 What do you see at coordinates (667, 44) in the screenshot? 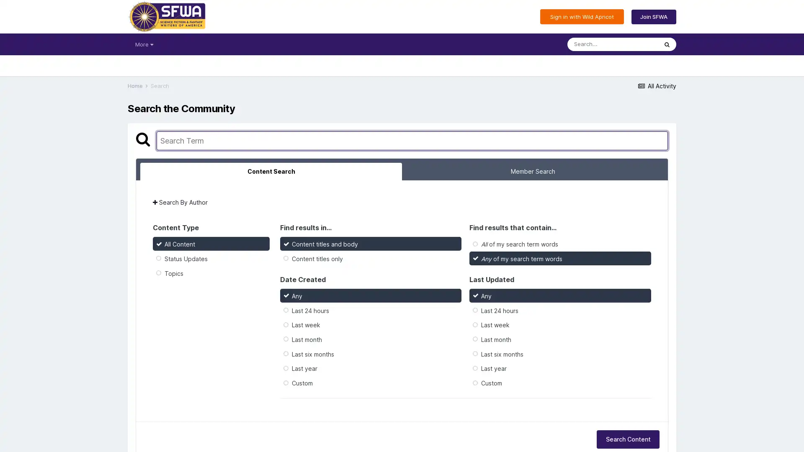
I see `Search` at bounding box center [667, 44].